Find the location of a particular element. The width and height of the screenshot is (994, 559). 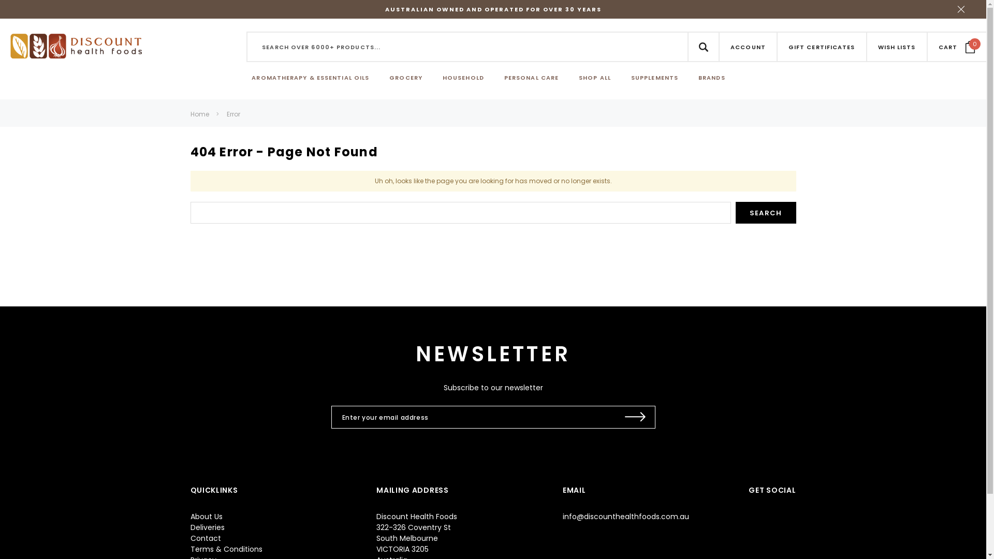

'Contact' is located at coordinates (206, 538).